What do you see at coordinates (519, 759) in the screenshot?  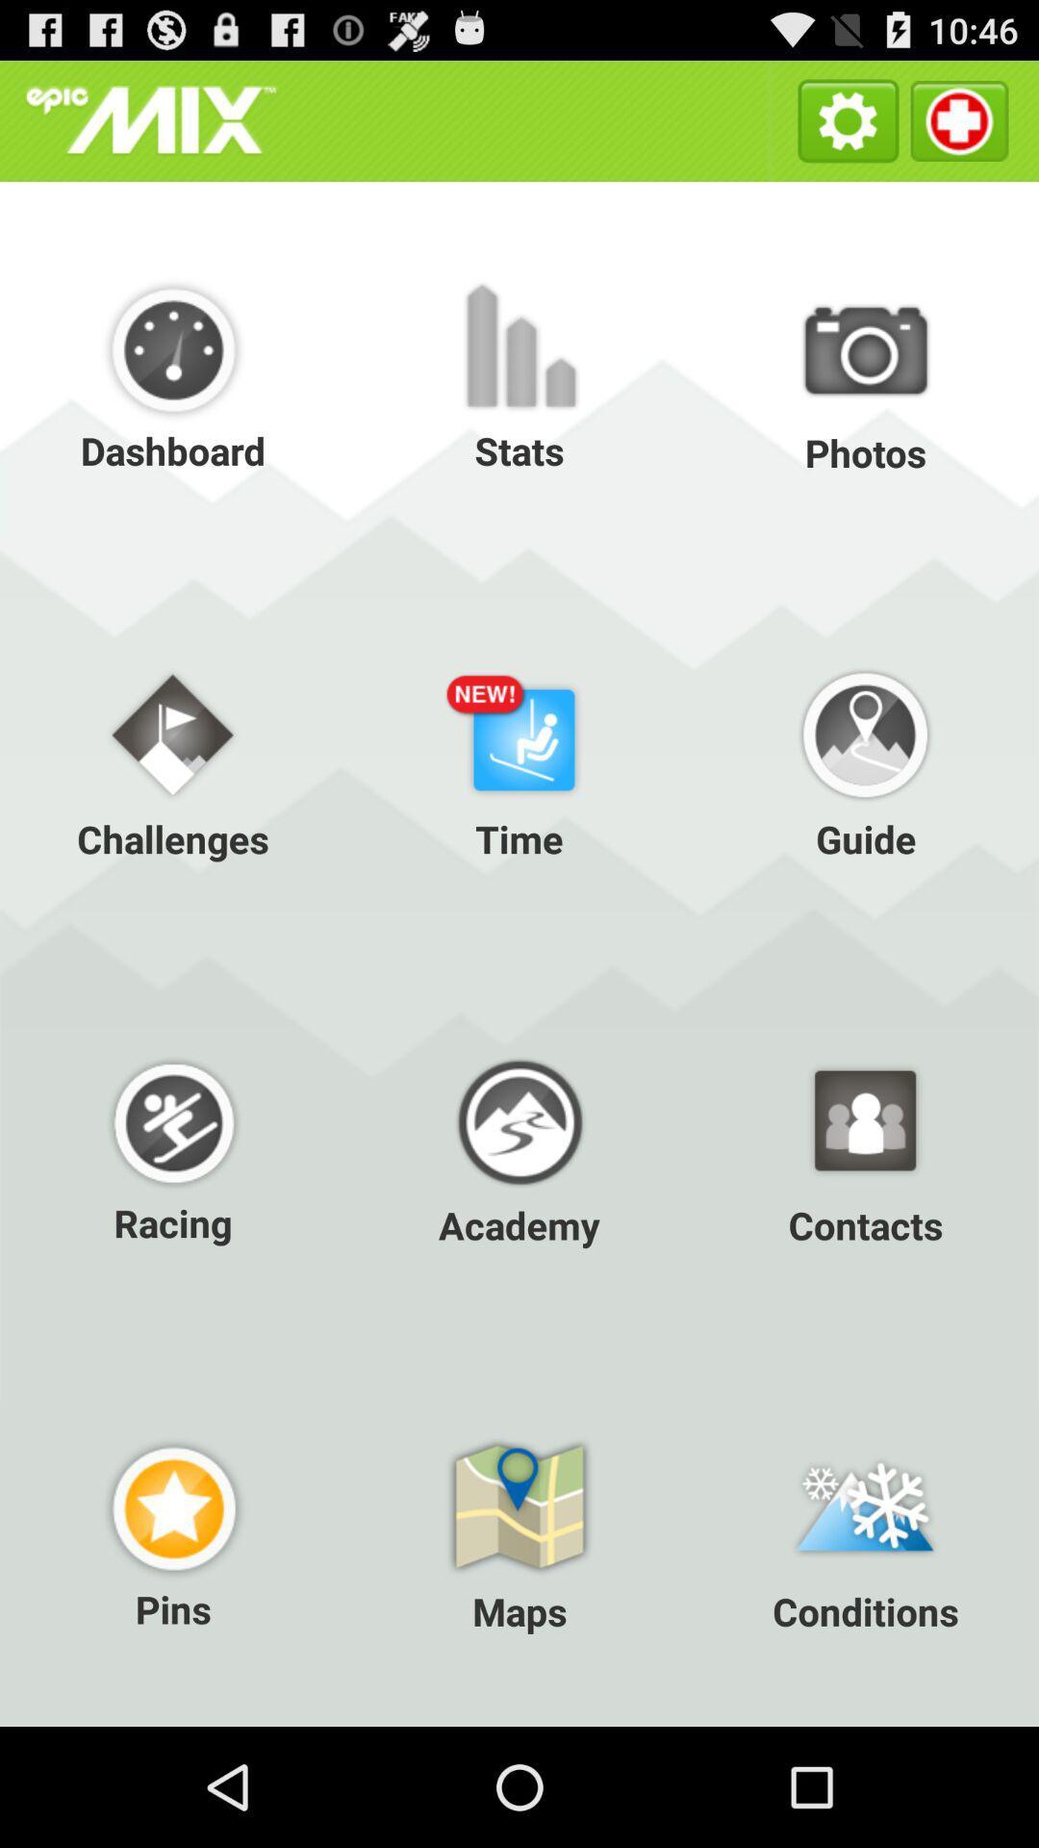 I see `icon above academy icon` at bounding box center [519, 759].